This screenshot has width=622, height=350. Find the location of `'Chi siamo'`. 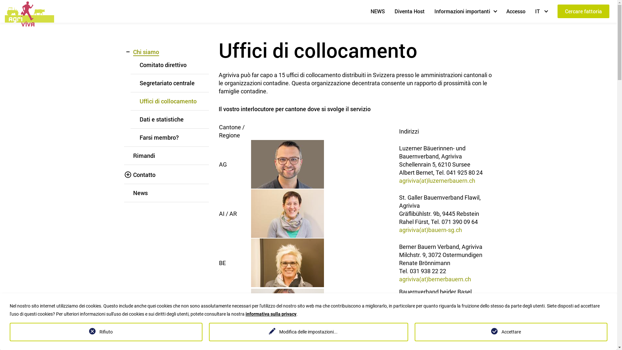

'Chi siamo' is located at coordinates (145, 52).